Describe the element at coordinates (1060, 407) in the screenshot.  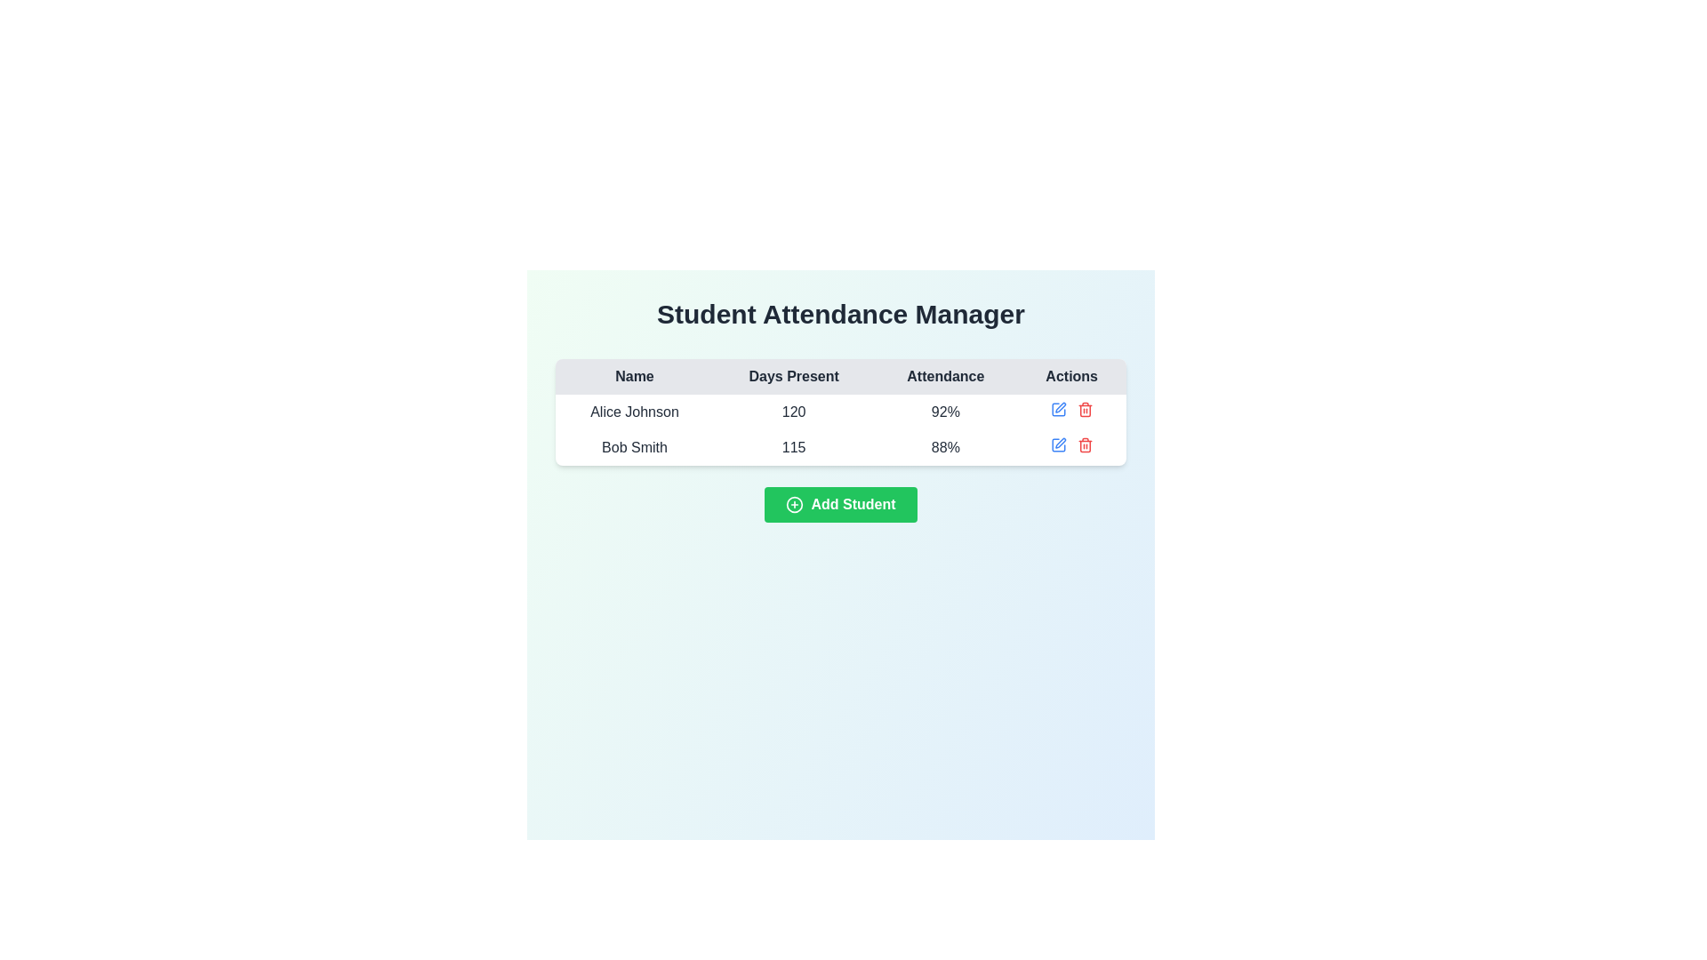
I see `the edit icon (pen) located in the Actions column of the first row under the 'Student Attendance Manager' header` at that location.